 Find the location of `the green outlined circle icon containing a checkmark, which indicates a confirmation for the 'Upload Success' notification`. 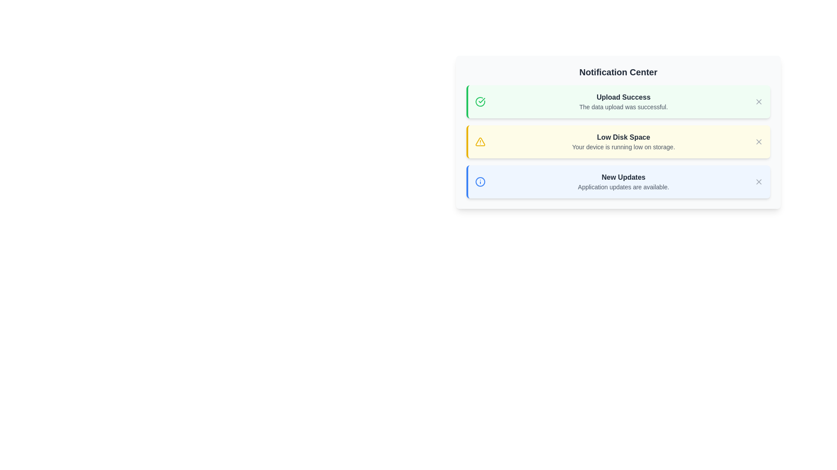

the green outlined circle icon containing a checkmark, which indicates a confirmation for the 'Upload Success' notification is located at coordinates (480, 101).